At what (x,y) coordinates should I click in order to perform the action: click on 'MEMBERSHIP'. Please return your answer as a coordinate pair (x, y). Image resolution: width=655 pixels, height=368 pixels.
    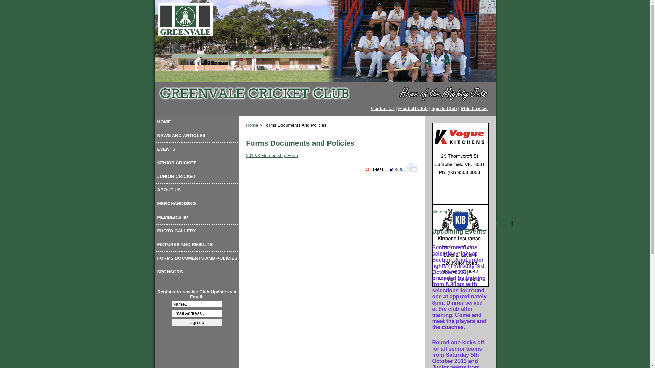
    Looking at the image, I should click on (197, 218).